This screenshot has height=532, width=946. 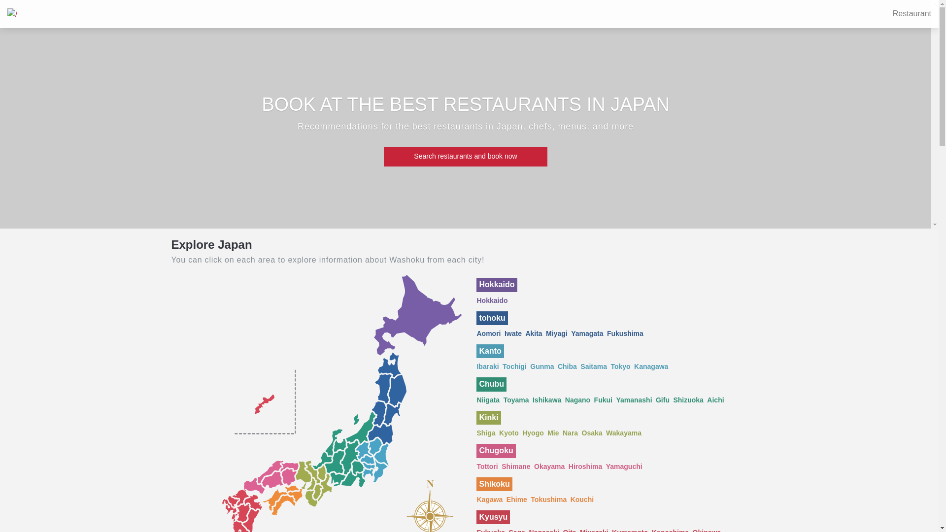 I want to click on 'Yamanashi', so click(x=634, y=400).